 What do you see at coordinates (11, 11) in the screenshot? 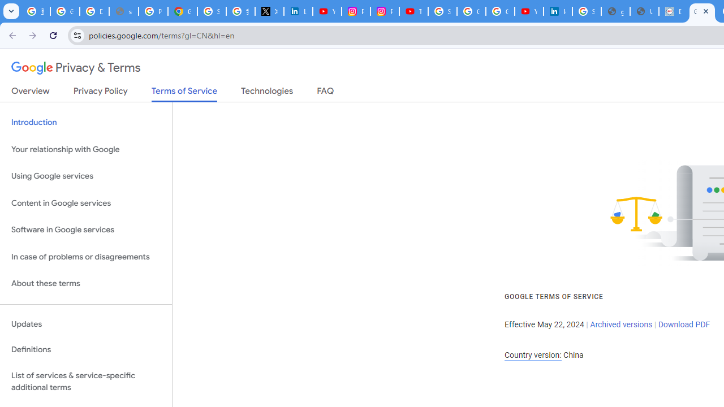
I see `'Search tabs'` at bounding box center [11, 11].